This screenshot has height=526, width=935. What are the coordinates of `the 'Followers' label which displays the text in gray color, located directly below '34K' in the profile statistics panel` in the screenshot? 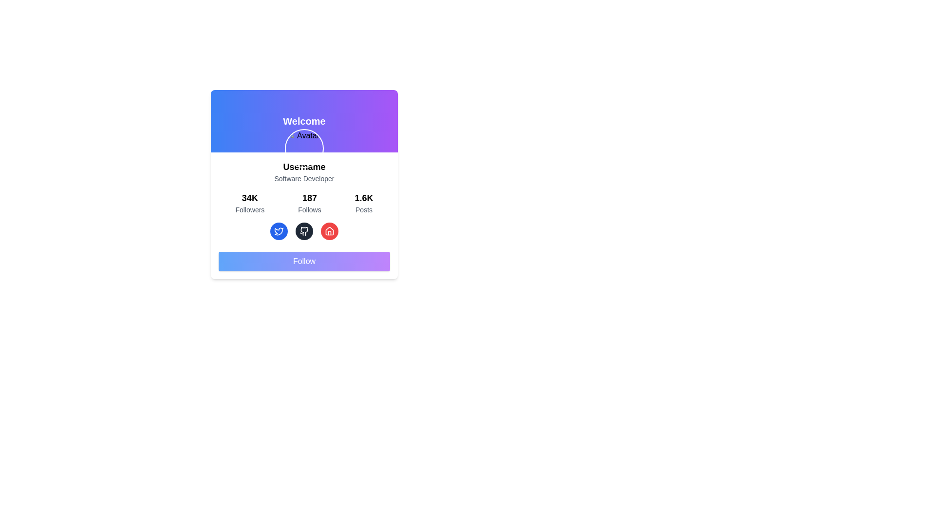 It's located at (250, 209).